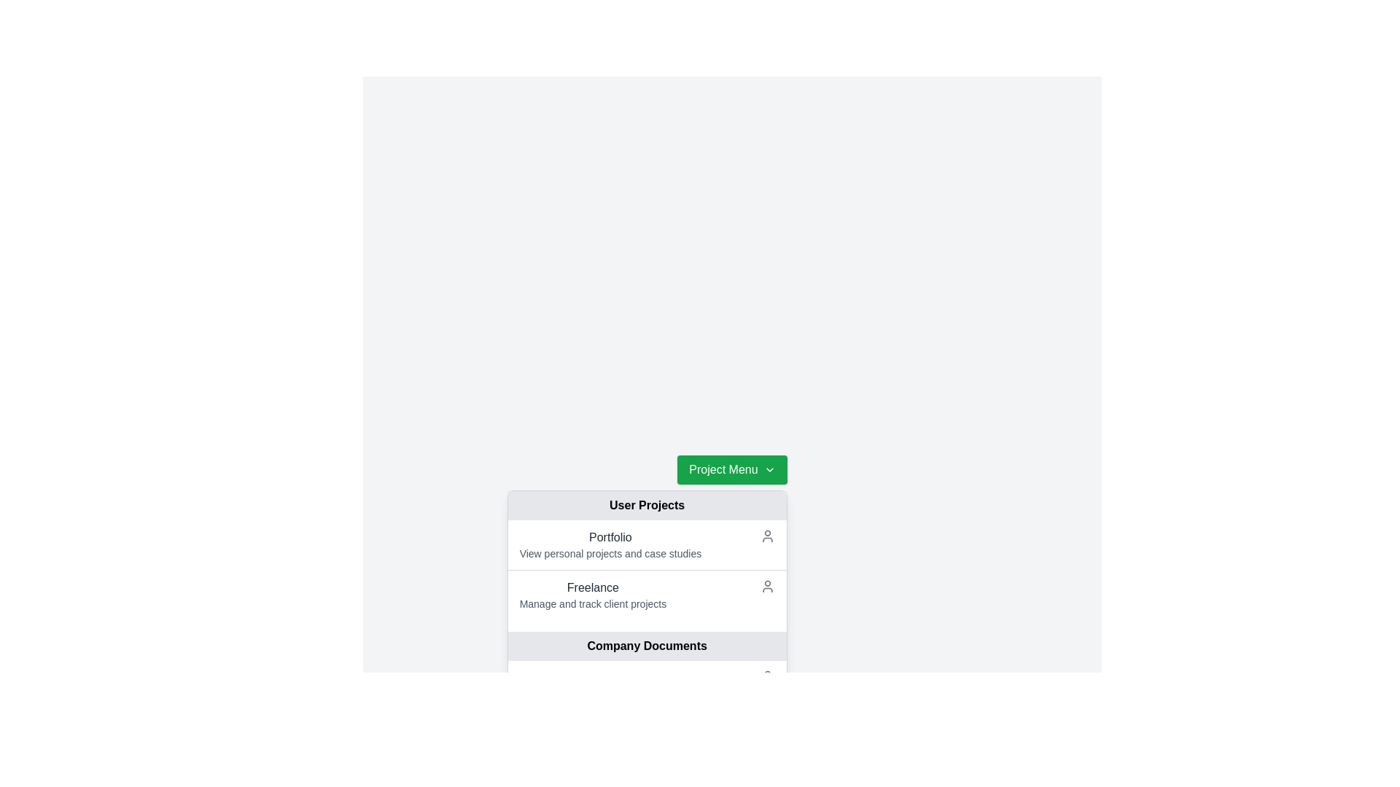  Describe the element at coordinates (646, 595) in the screenshot. I see `the second item in the 'User Projects' list` at that location.